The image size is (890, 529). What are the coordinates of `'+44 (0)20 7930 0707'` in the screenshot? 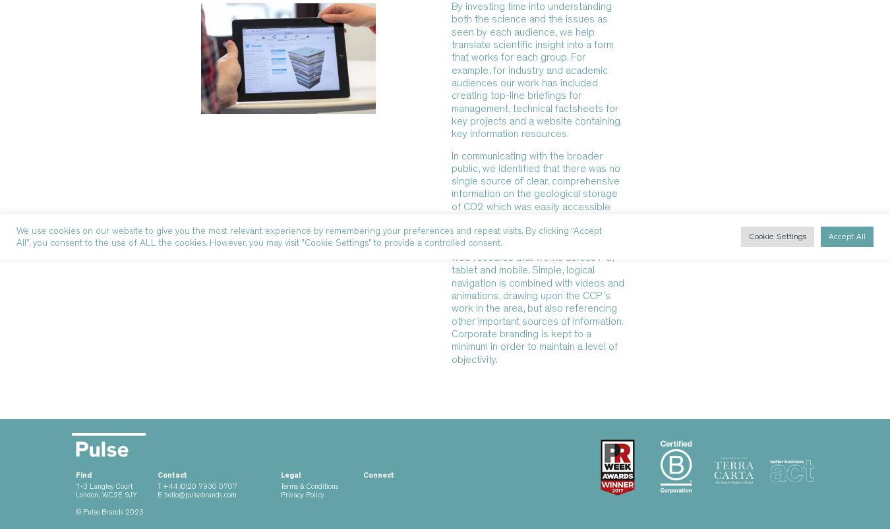 It's located at (199, 486).